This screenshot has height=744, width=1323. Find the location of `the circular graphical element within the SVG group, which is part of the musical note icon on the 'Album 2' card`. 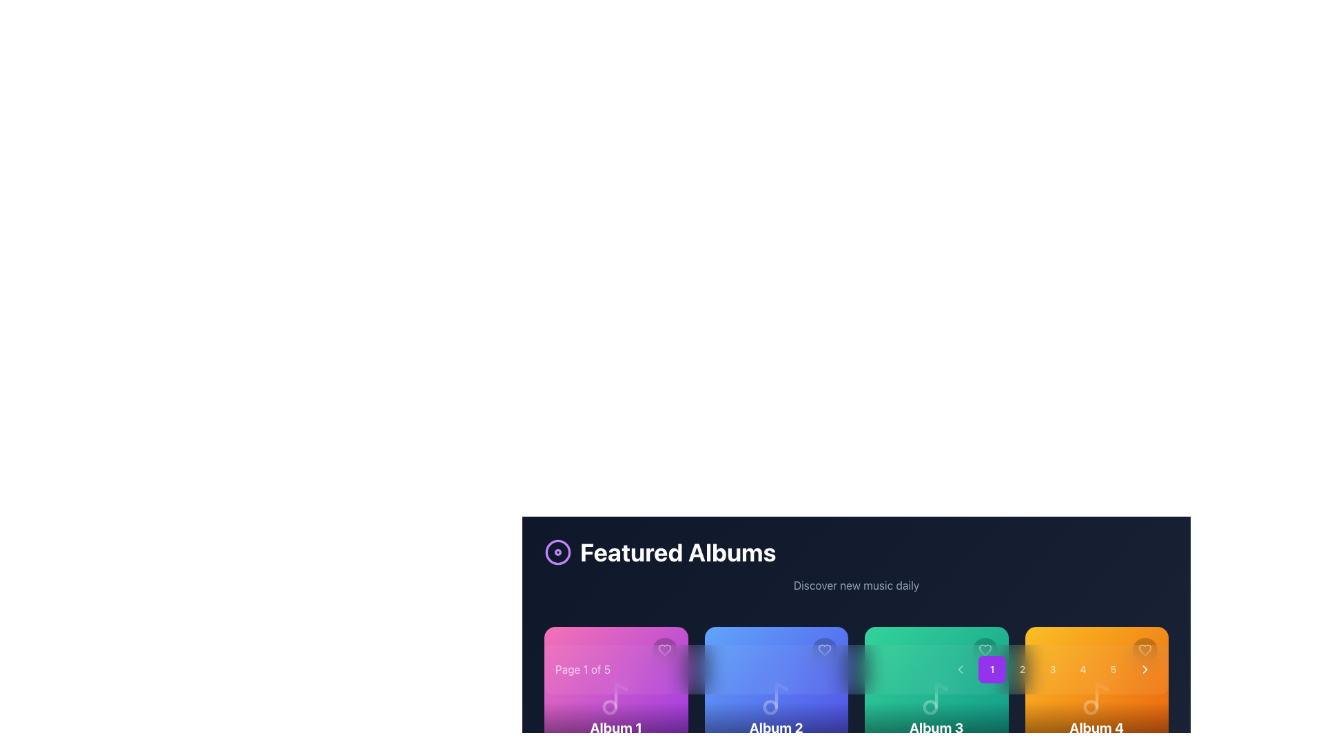

the circular graphical element within the SVG group, which is part of the musical note icon on the 'Album 2' card is located at coordinates (770, 707).